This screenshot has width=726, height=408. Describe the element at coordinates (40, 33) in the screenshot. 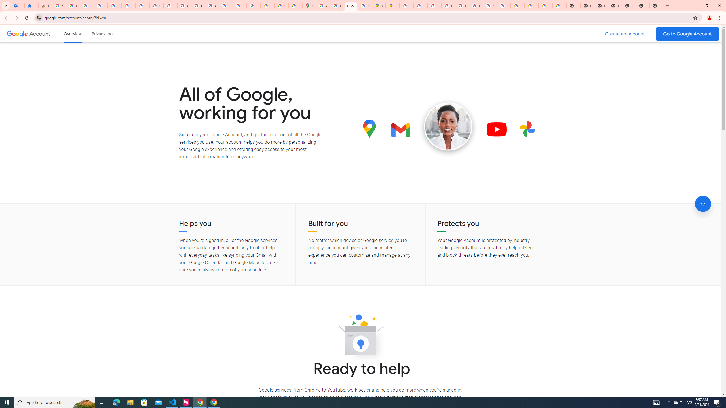

I see `'Google Account'` at that location.